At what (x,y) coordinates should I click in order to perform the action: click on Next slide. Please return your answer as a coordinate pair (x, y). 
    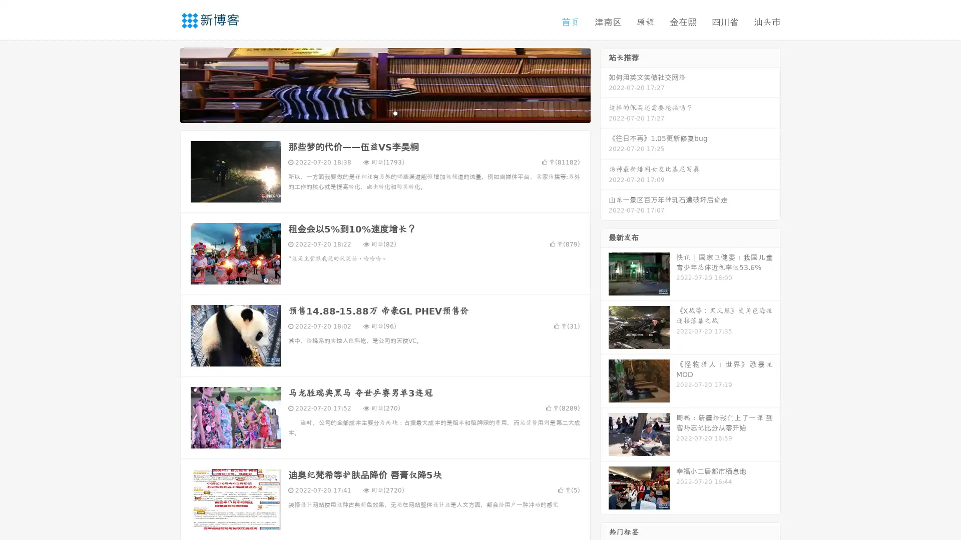
    Looking at the image, I should click on (605, 84).